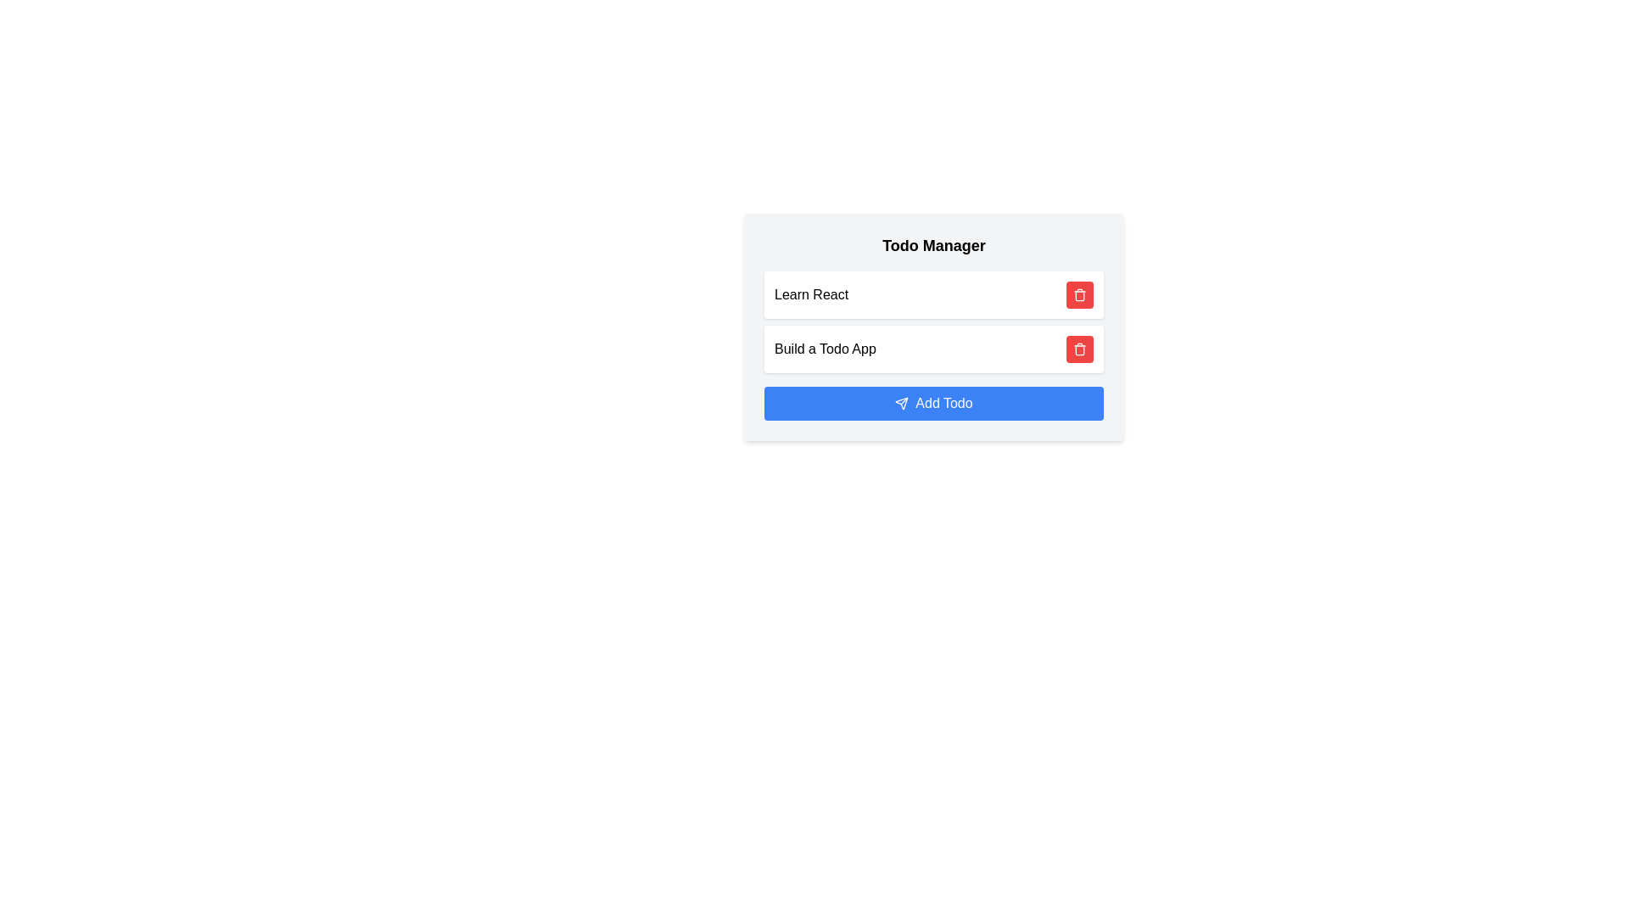  What do you see at coordinates (1078, 293) in the screenshot?
I see `the red rectangular button with a trash can icon located to the right of the 'Learn React' box in the 'Todo Manager' interface` at bounding box center [1078, 293].